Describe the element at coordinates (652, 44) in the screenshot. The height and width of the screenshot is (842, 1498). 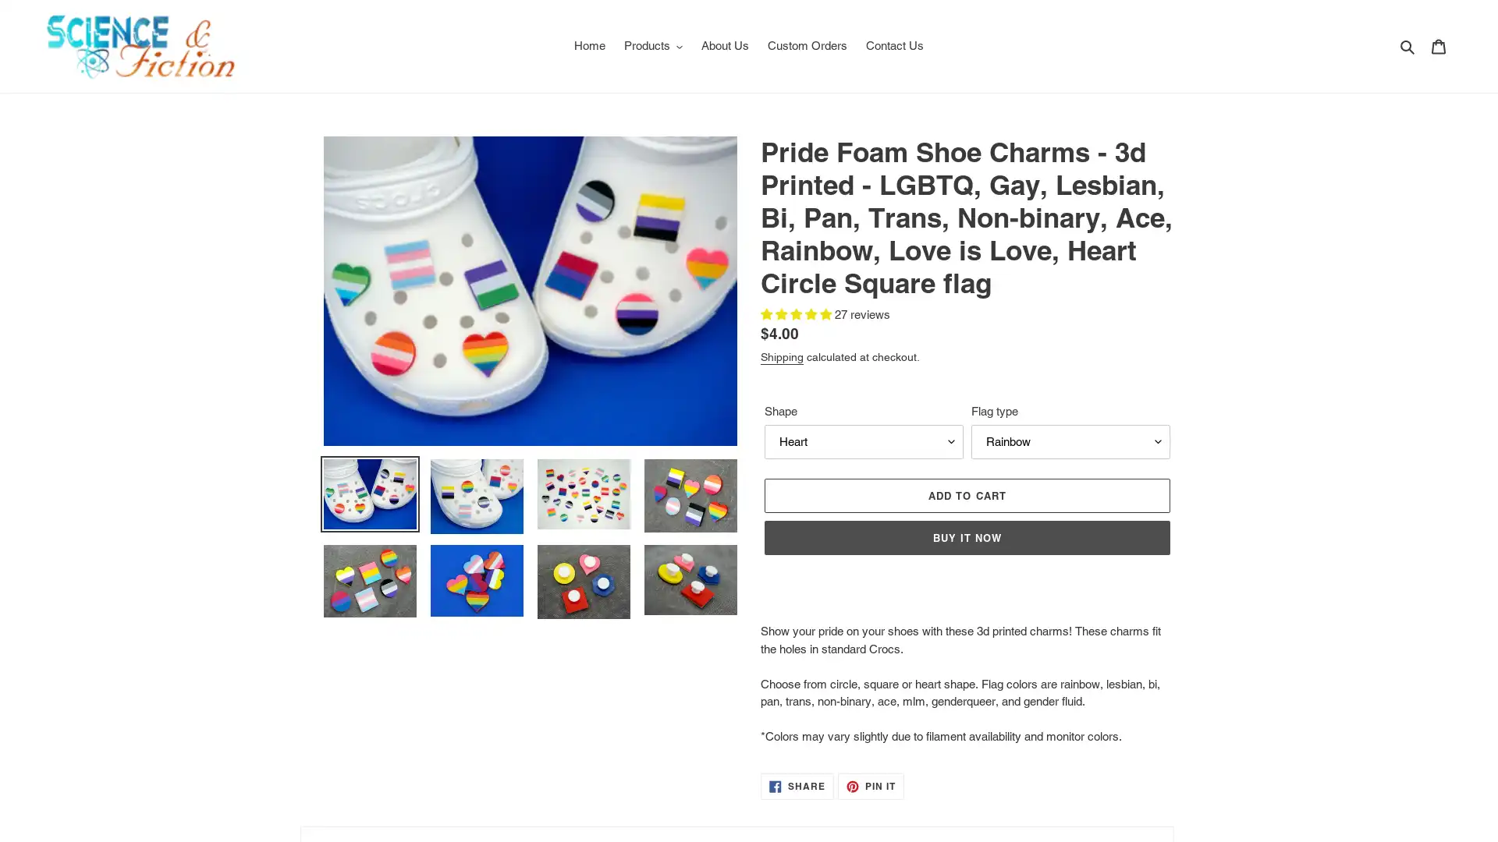
I see `Products` at that location.